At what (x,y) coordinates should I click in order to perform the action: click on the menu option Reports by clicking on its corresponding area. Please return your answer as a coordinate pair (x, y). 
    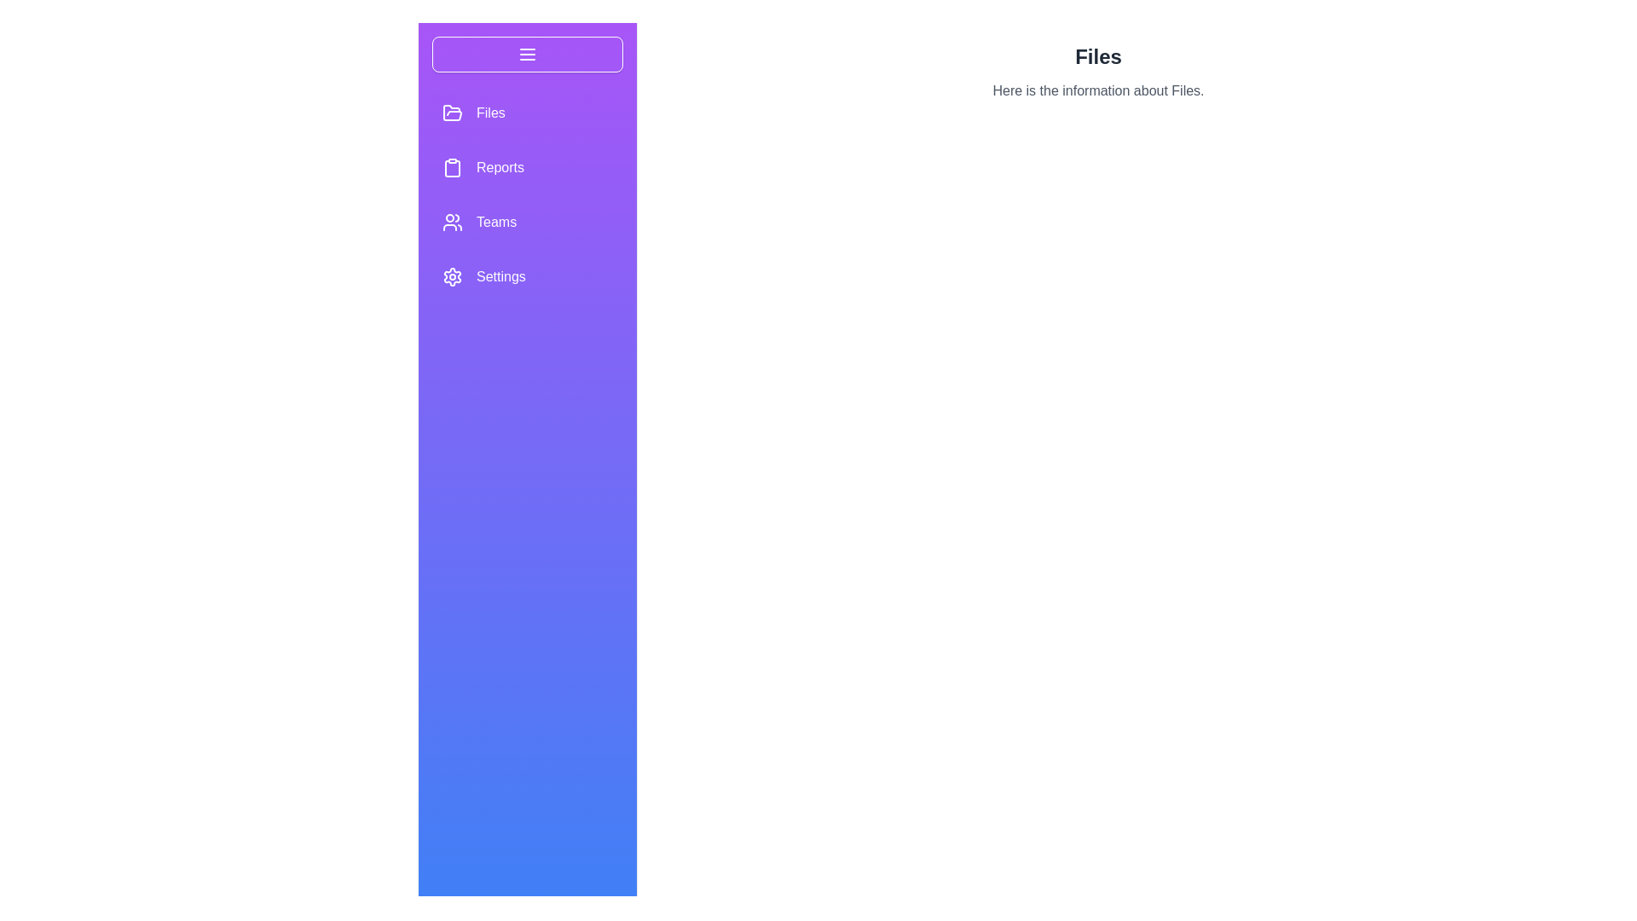
    Looking at the image, I should click on (527, 167).